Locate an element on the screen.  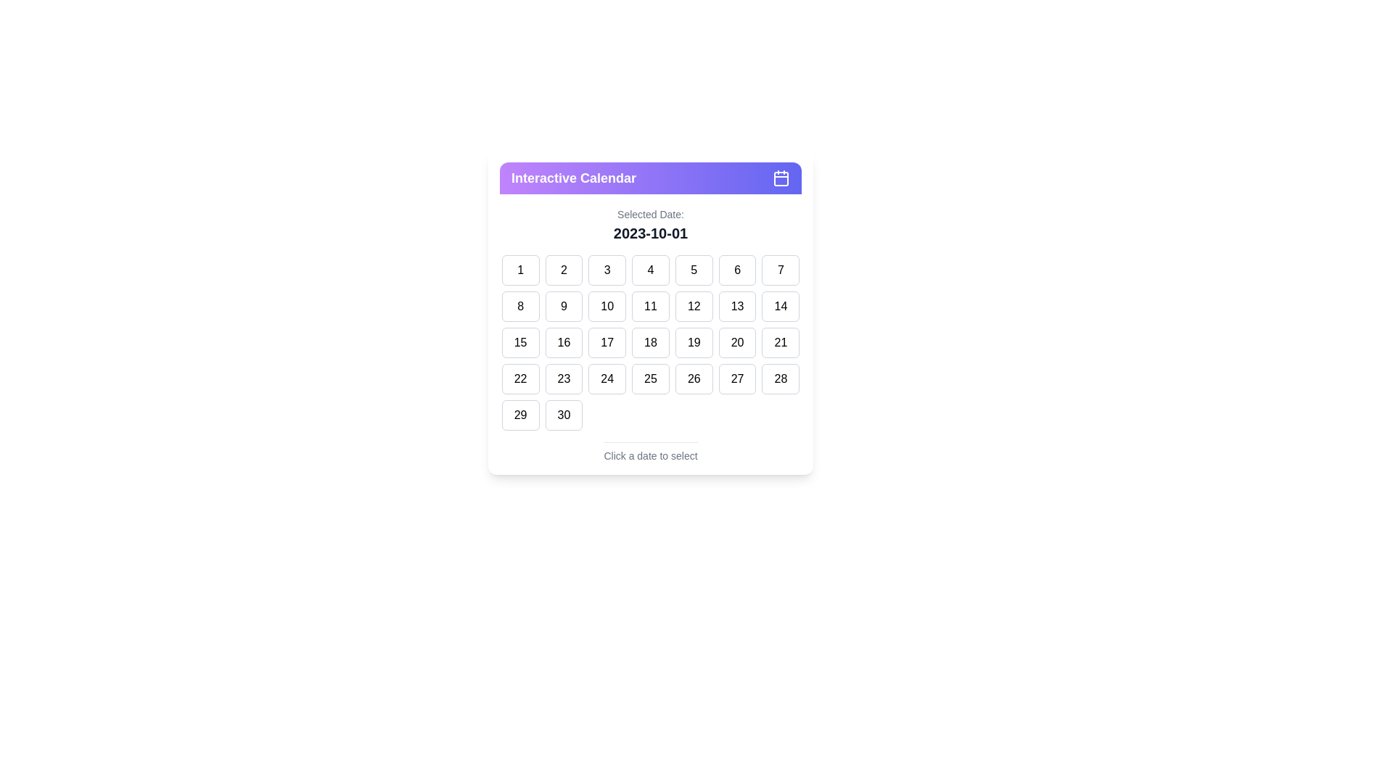
the button labeled '17' in the interactive calendar is located at coordinates (607, 343).